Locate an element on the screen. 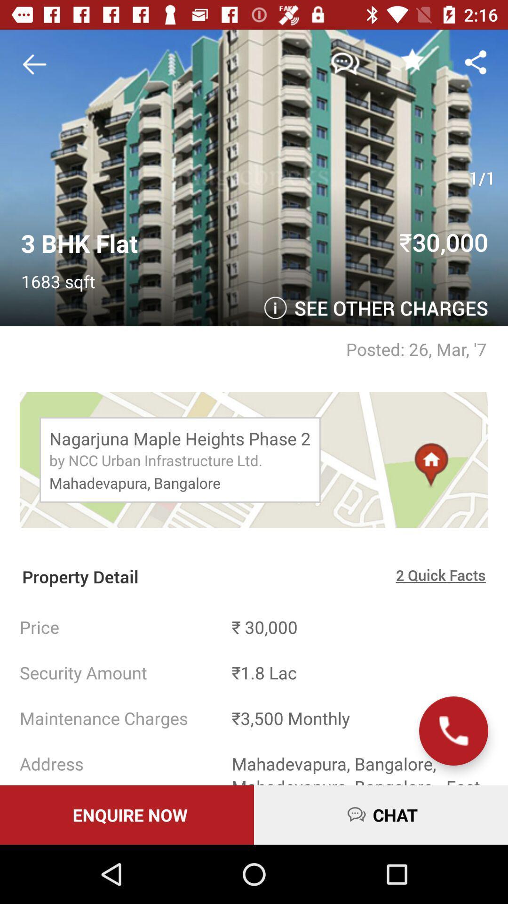  go back is located at coordinates (37, 64).